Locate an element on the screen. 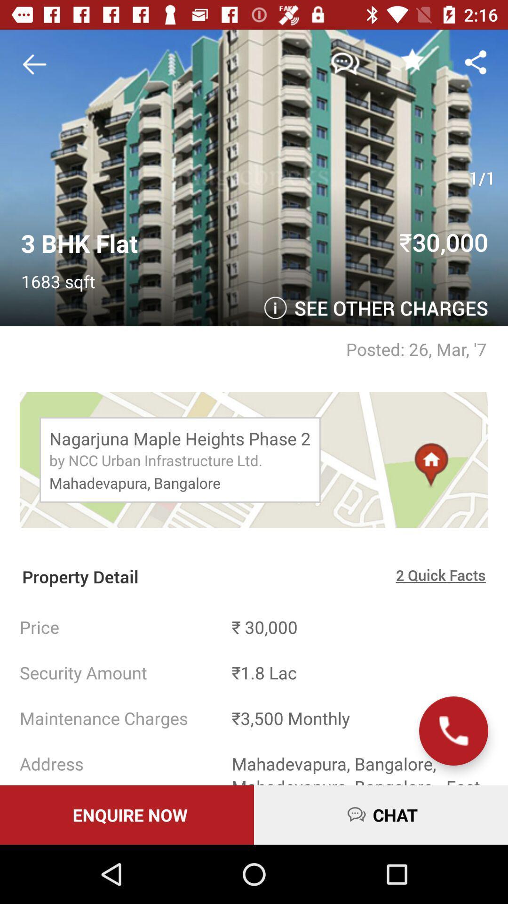  go back is located at coordinates (37, 64).